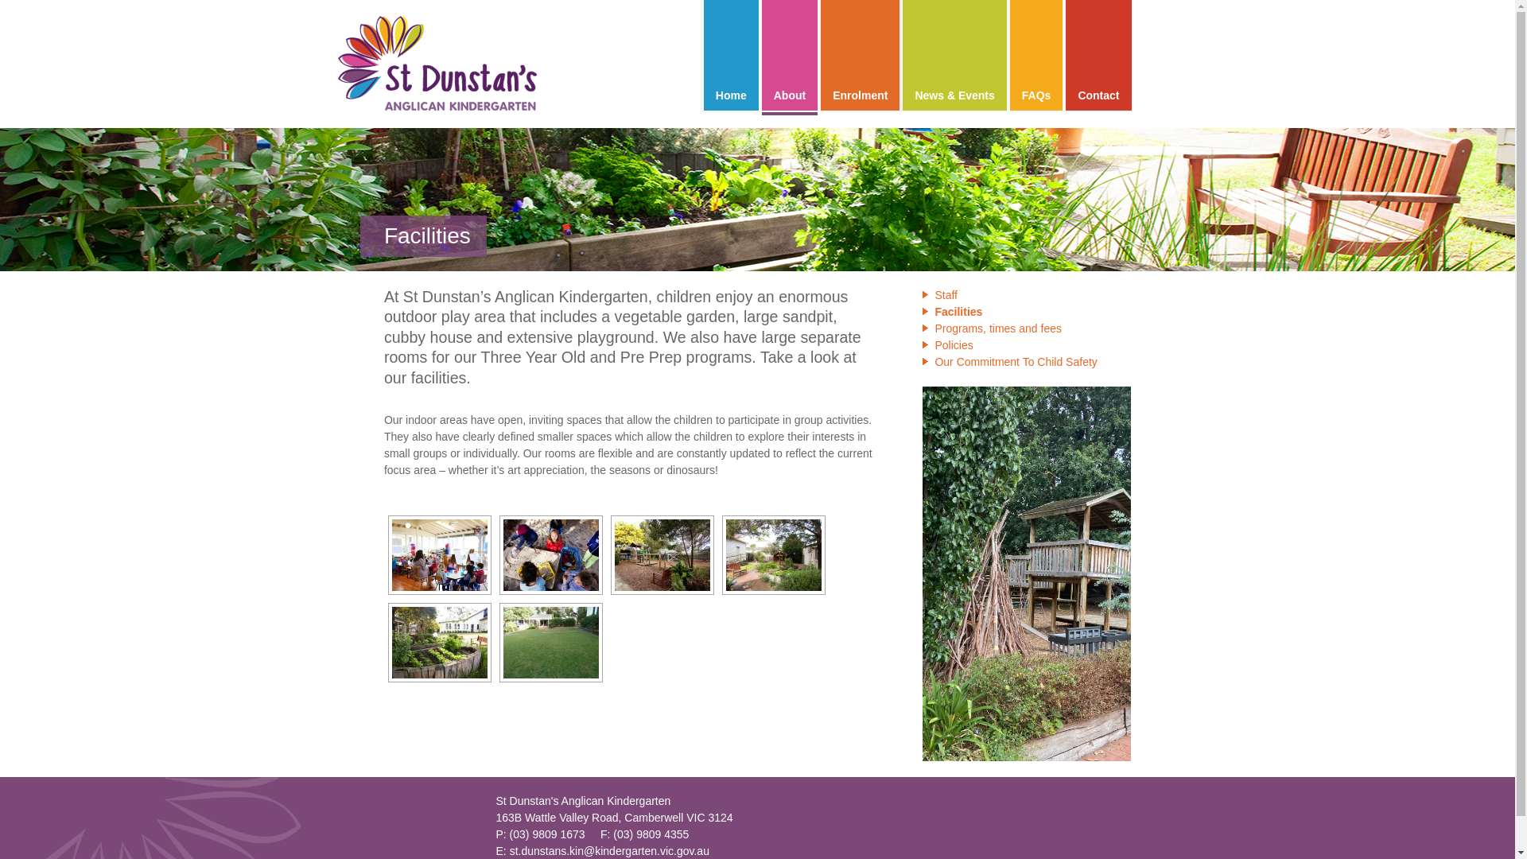 This screenshot has height=859, width=1527. I want to click on 'About', so click(790, 55).